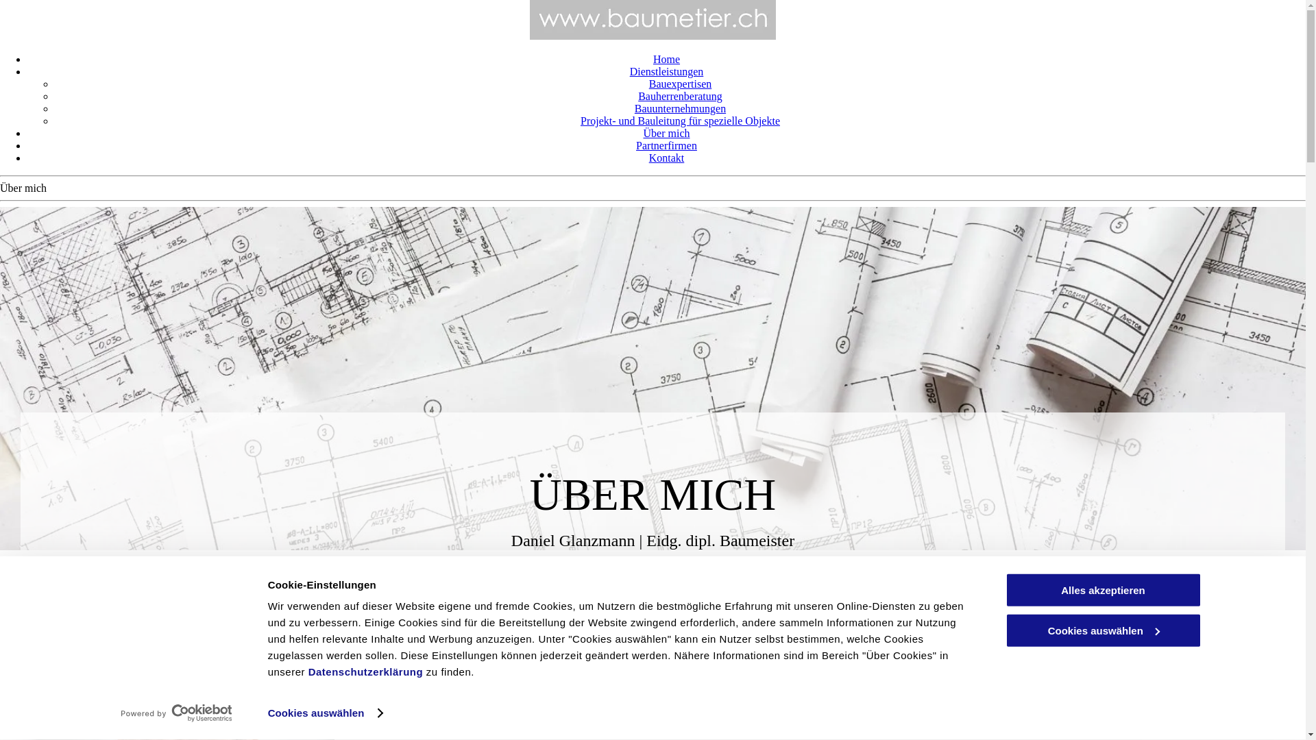 The width and height of the screenshot is (1316, 740). Describe the element at coordinates (634, 108) in the screenshot. I see `'Bauunternehmungen'` at that location.